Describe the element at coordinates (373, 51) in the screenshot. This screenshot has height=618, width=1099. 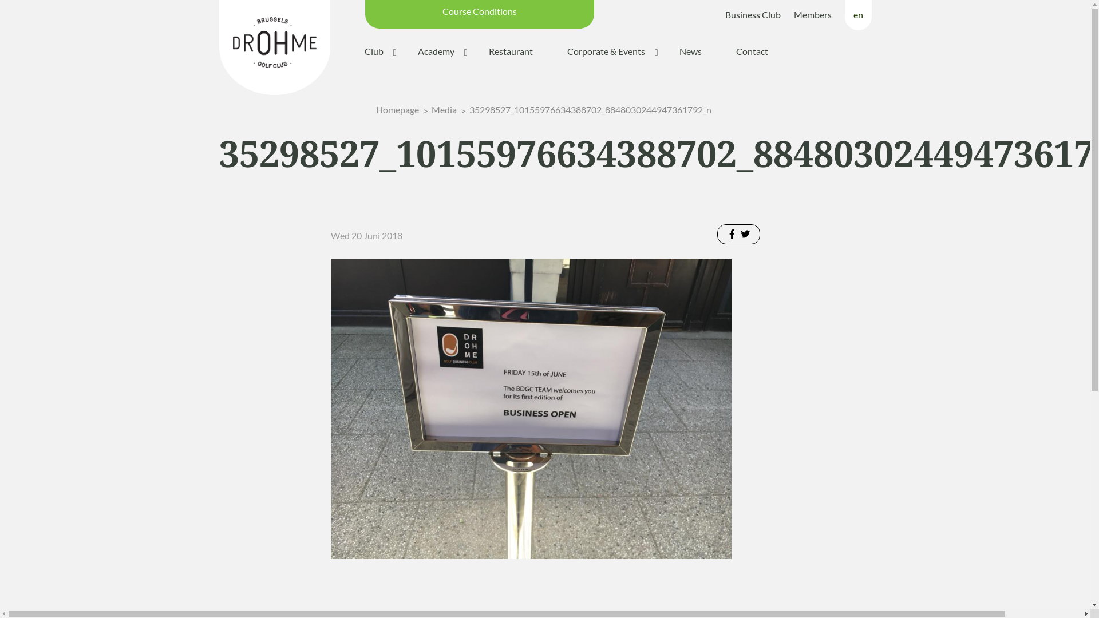
I see `'Club'` at that location.